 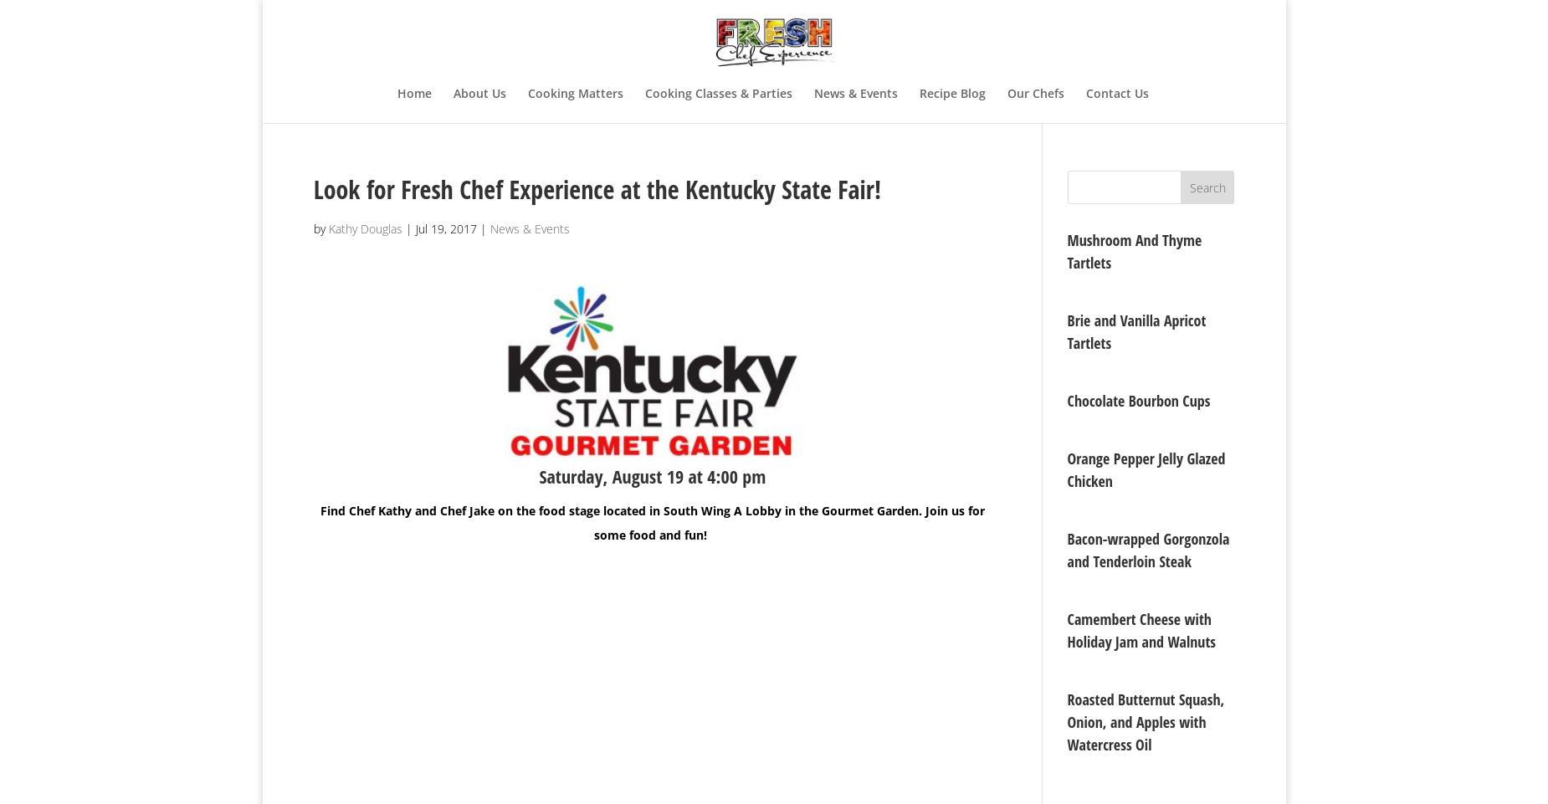 What do you see at coordinates (718, 92) in the screenshot?
I see `'Cooking Classes & Parties'` at bounding box center [718, 92].